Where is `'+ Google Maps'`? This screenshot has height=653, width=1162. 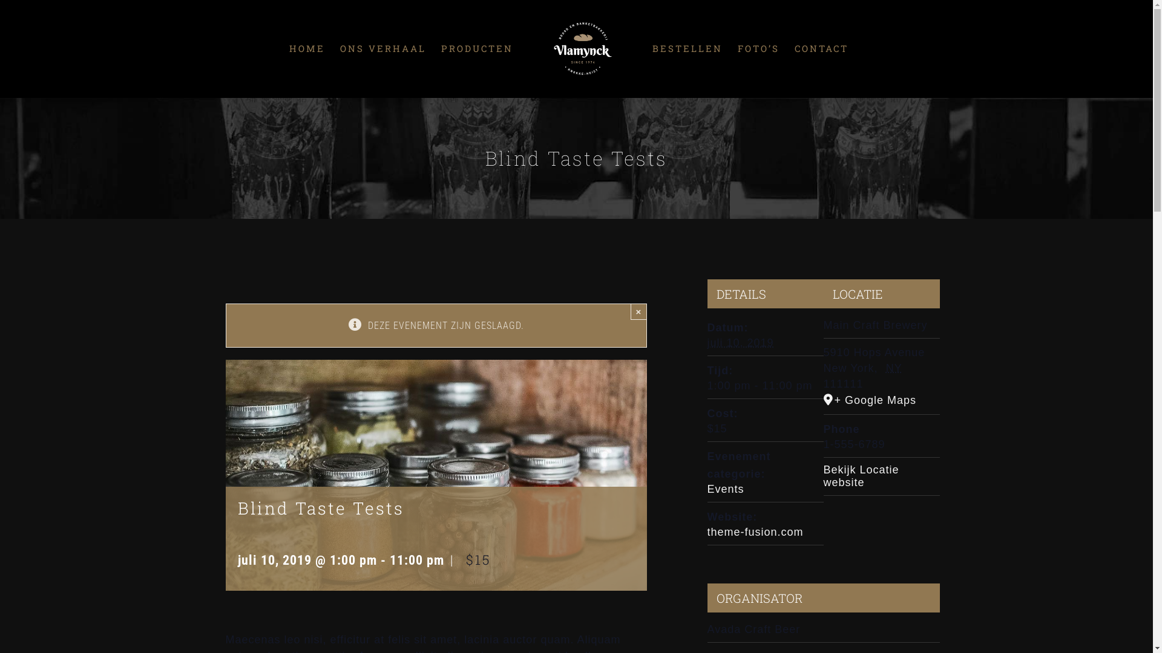 '+ Google Maps' is located at coordinates (881, 400).